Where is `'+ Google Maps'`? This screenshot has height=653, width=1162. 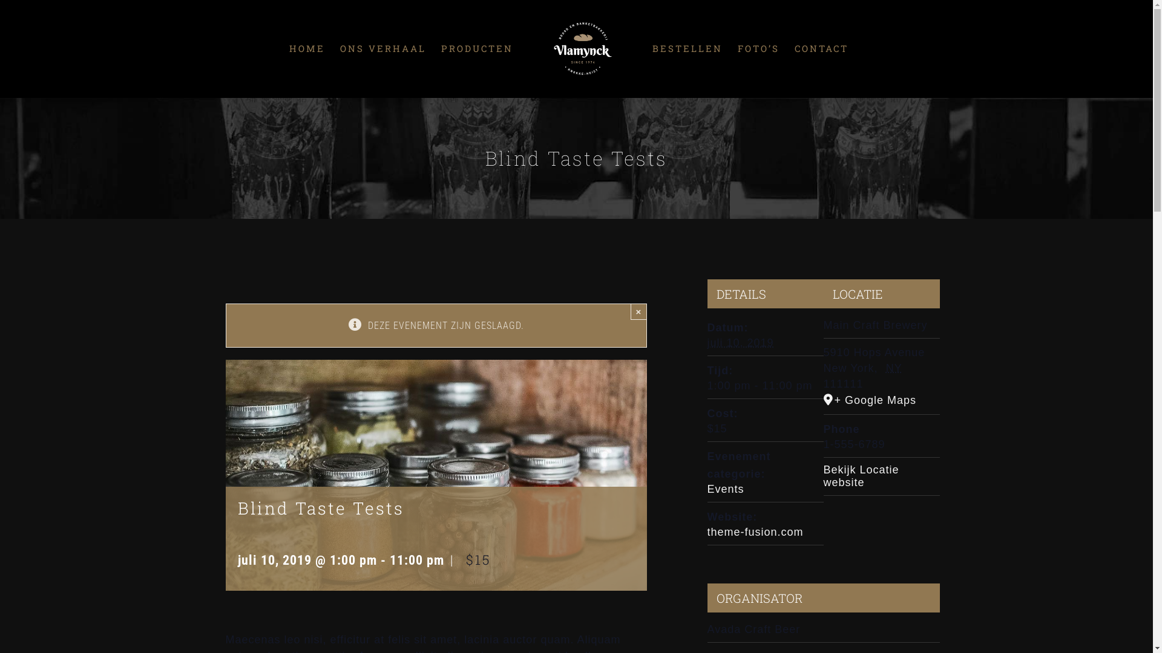 '+ Google Maps' is located at coordinates (881, 400).